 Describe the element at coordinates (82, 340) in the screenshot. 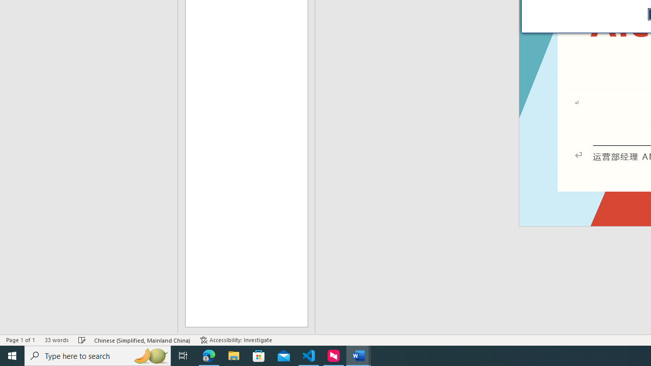

I see `'Spelling and Grammar Check Checking'` at that location.